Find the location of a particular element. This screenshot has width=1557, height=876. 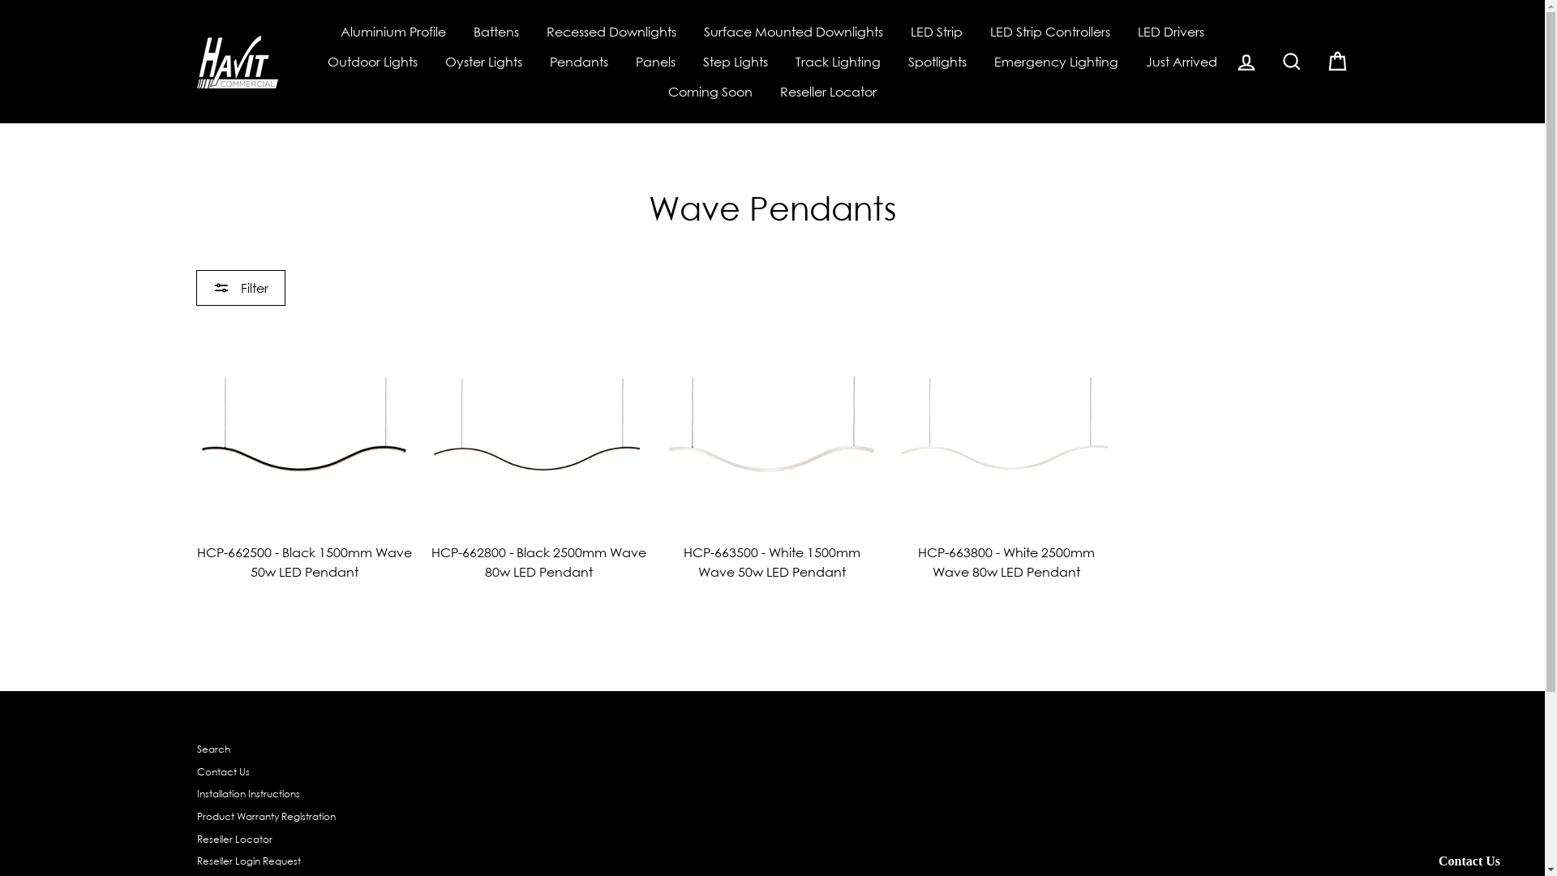

'Panels' is located at coordinates (655, 60).